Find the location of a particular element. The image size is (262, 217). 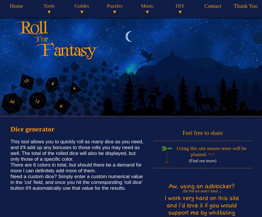

'Tools' is located at coordinates (49, 6).